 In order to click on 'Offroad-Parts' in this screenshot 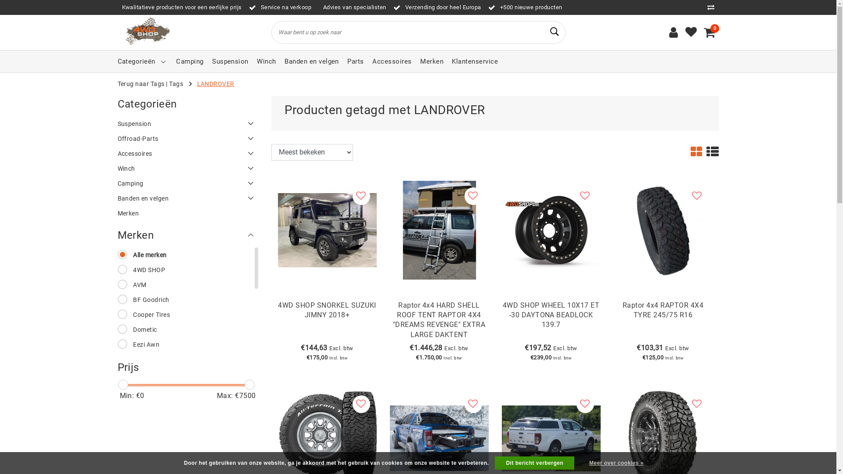, I will do `click(187, 138)`.